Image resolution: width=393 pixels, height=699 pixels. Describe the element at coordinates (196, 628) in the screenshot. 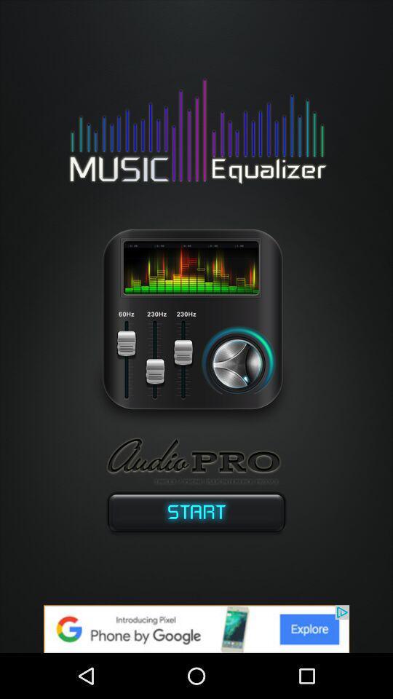

I see `explore advertisement` at that location.